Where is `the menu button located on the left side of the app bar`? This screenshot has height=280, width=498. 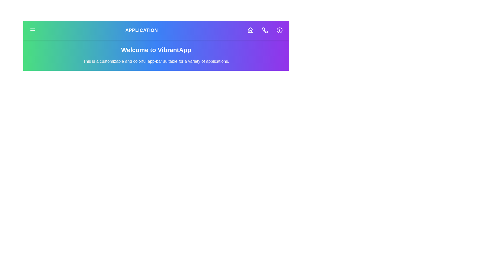 the menu button located on the left side of the app bar is located at coordinates (32, 30).